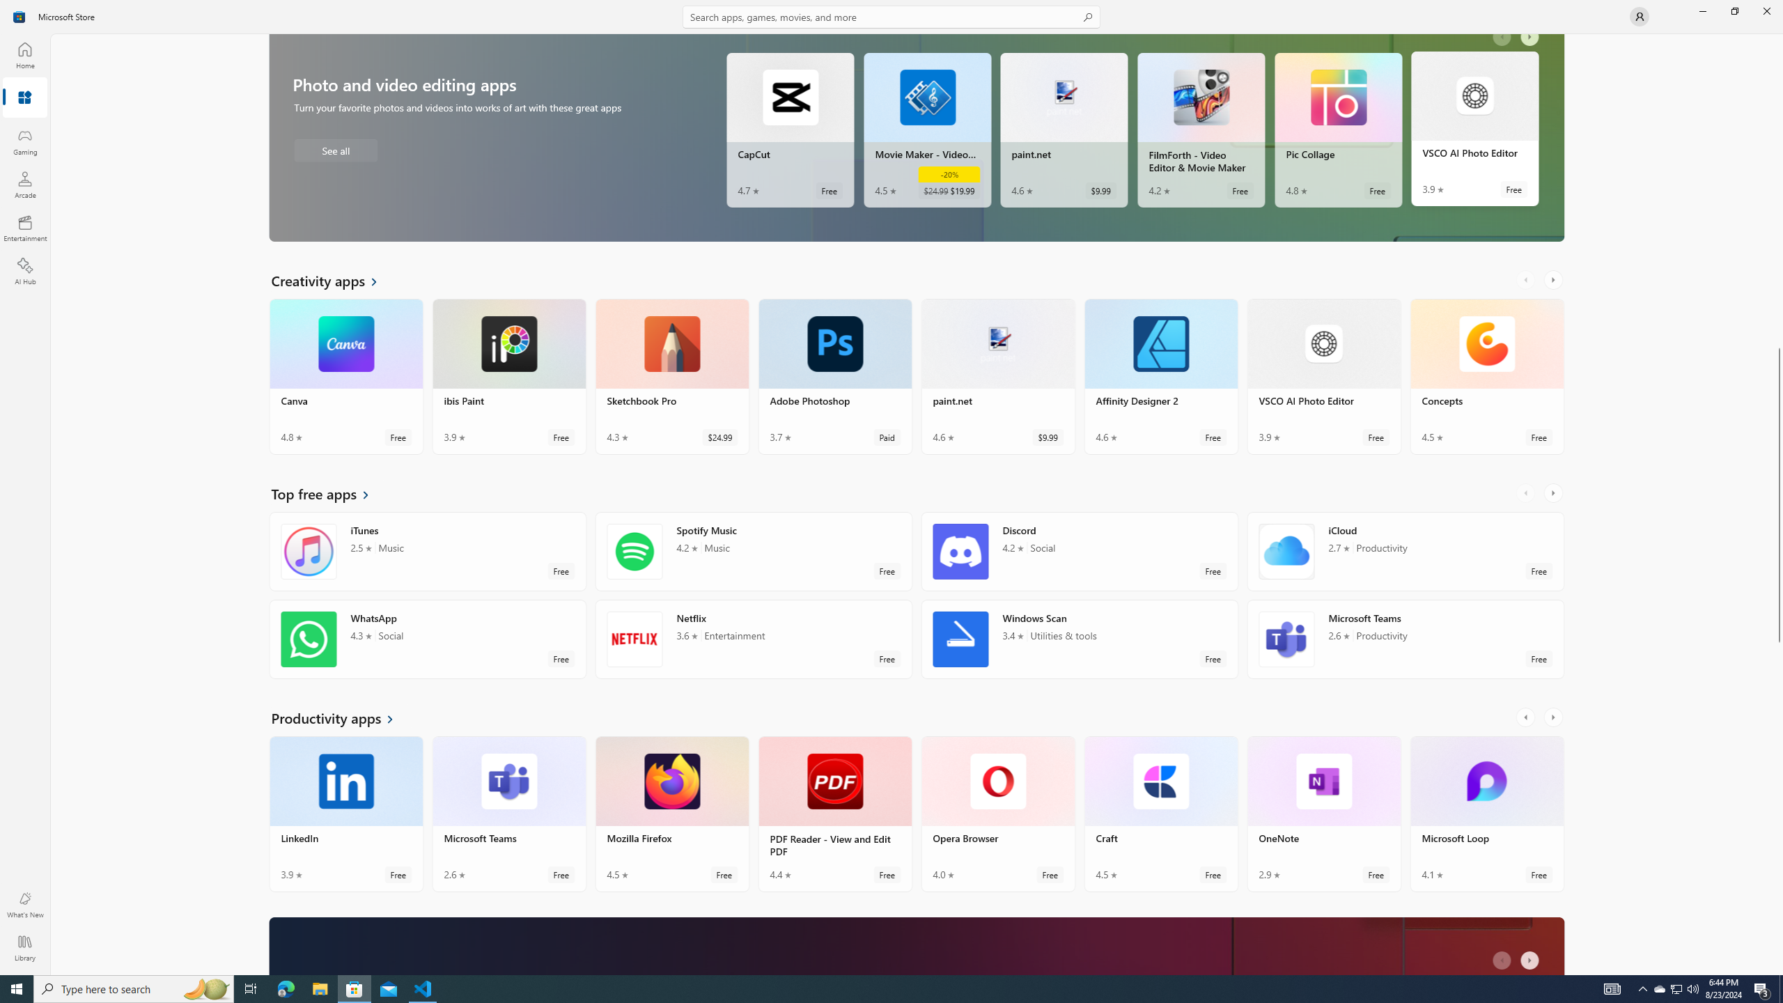 This screenshot has height=1003, width=1783. Describe the element at coordinates (1079, 556) in the screenshot. I see `'Discord. Average rating of 4.2 out of five stars. Free  '` at that location.